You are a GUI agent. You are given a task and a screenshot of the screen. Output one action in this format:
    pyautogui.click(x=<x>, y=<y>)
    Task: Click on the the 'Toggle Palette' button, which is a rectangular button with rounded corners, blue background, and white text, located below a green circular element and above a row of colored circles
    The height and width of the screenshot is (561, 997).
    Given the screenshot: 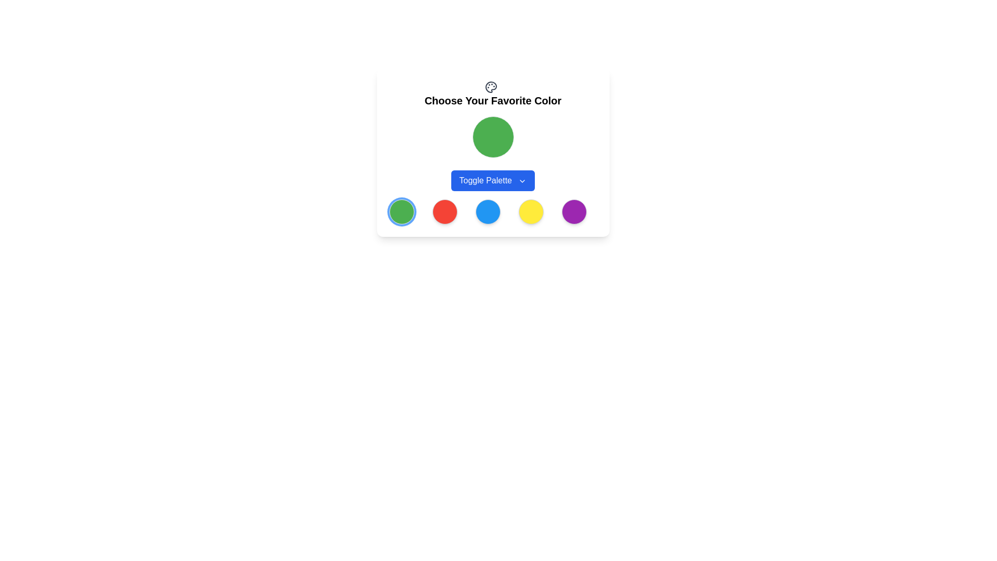 What is the action you would take?
    pyautogui.click(x=492, y=180)
    